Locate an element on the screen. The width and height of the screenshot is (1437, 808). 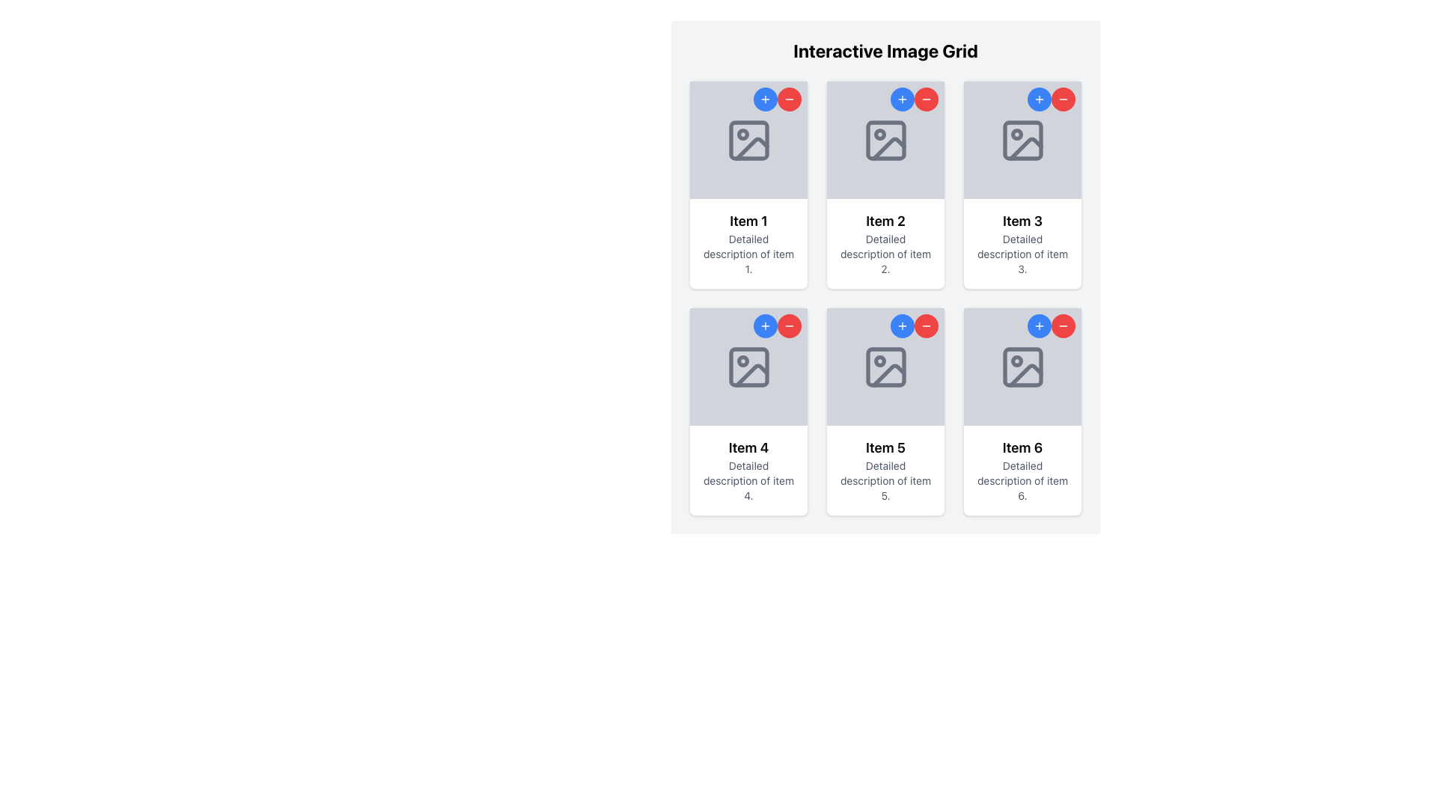
the card containing the text block with the bold title 'Item 1' and description 'Detailed description of item 1' located in the bottom section of the card is located at coordinates (748, 243).